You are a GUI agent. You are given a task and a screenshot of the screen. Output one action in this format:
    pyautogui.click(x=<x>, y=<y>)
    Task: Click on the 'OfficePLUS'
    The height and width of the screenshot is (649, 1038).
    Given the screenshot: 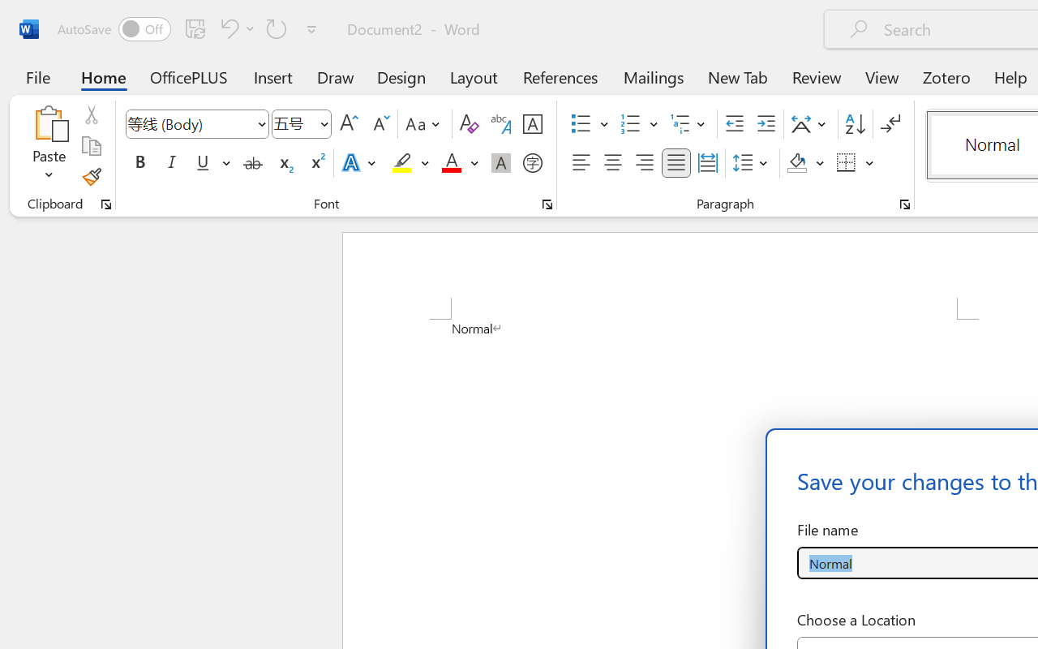 What is the action you would take?
    pyautogui.click(x=189, y=76)
    